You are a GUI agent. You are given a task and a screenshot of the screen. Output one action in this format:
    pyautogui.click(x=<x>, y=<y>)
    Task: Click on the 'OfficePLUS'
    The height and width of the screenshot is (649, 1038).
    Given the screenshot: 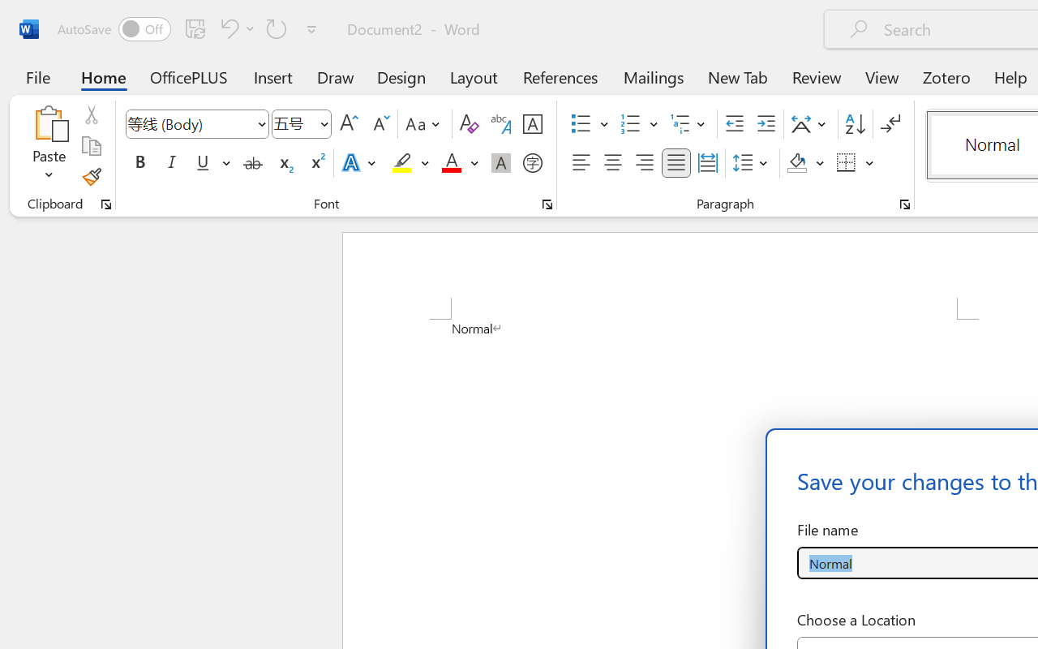 What is the action you would take?
    pyautogui.click(x=189, y=76)
    